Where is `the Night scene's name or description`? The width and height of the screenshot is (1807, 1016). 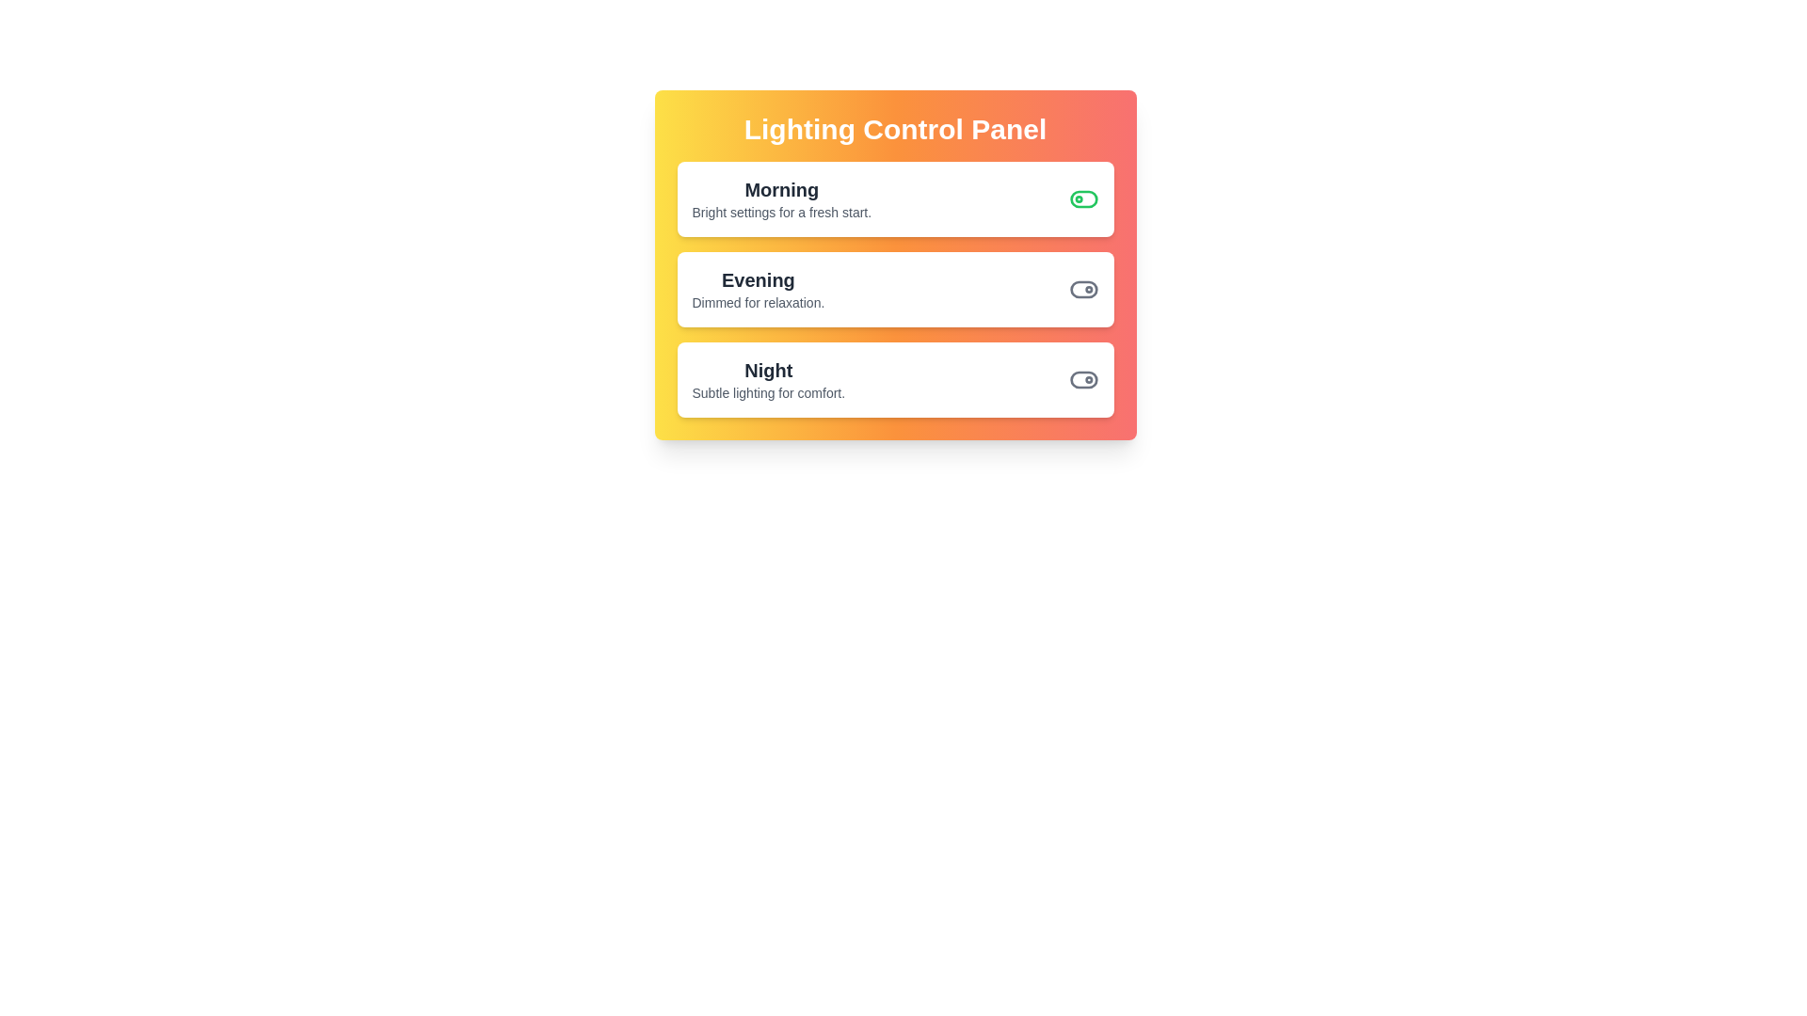
the Night scene's name or description is located at coordinates (768, 370).